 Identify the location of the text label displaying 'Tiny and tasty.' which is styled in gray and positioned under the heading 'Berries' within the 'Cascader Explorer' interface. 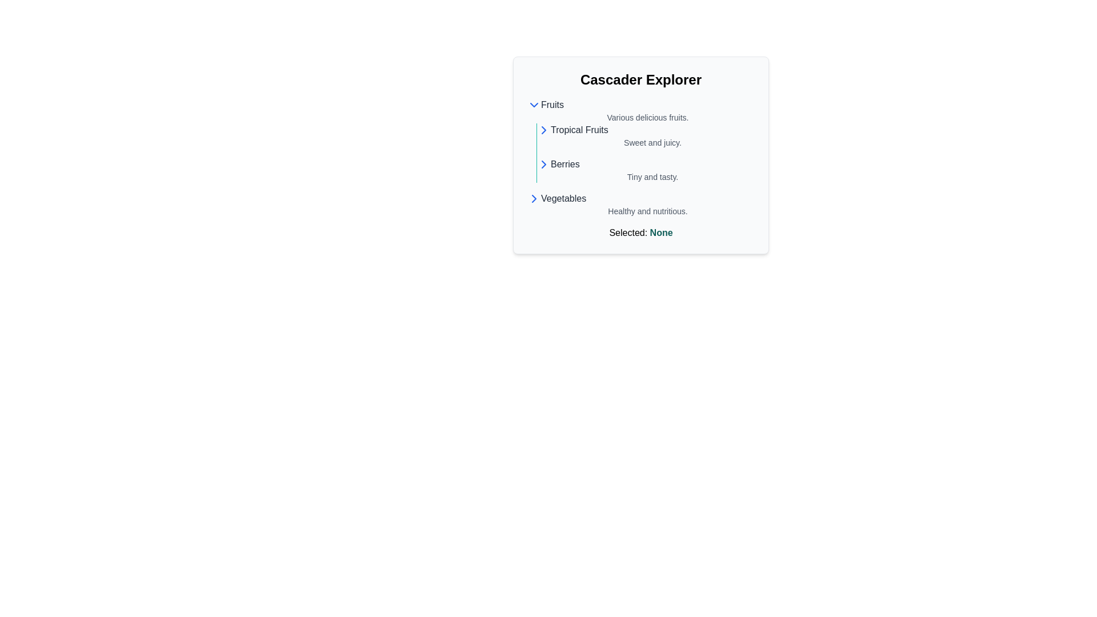
(652, 177).